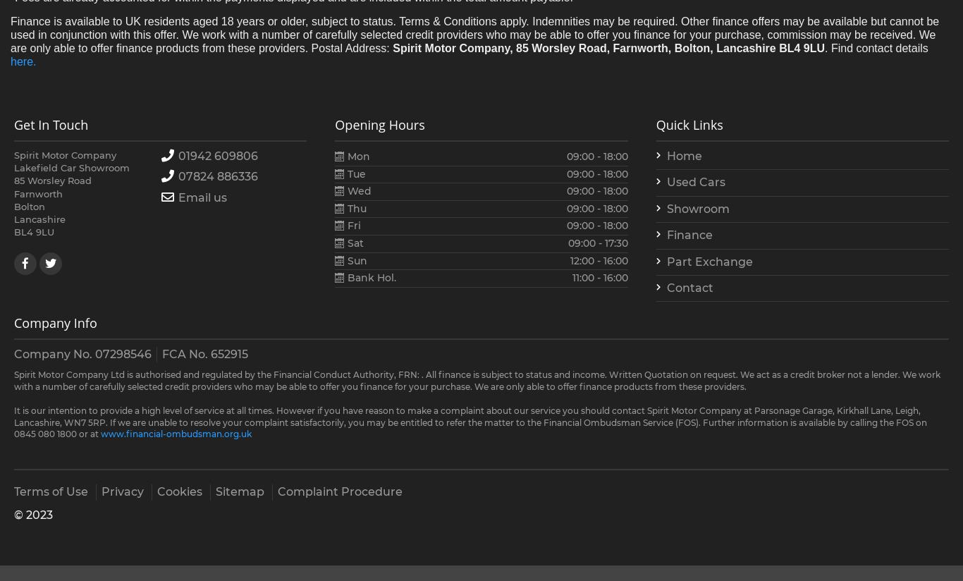  Describe the element at coordinates (176, 434) in the screenshot. I see `'www.financial-ombudsman.org.uk'` at that location.